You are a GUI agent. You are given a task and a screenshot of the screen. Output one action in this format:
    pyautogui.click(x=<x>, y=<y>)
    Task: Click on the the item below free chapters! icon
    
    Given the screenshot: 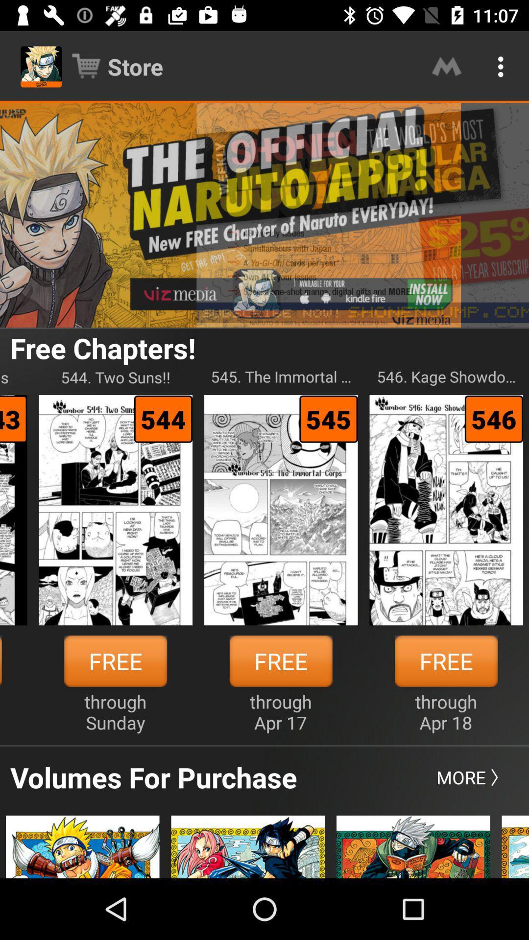 What is the action you would take?
    pyautogui.click(x=115, y=376)
    